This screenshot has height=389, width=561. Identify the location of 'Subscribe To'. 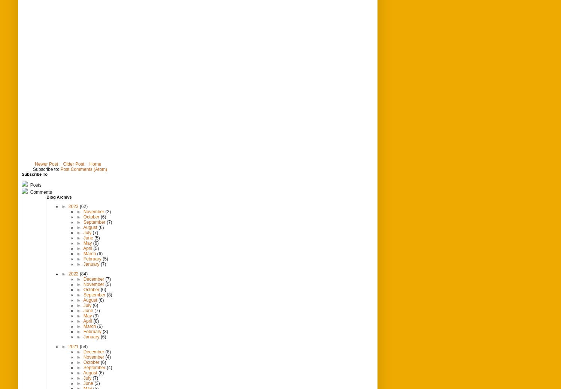
(34, 174).